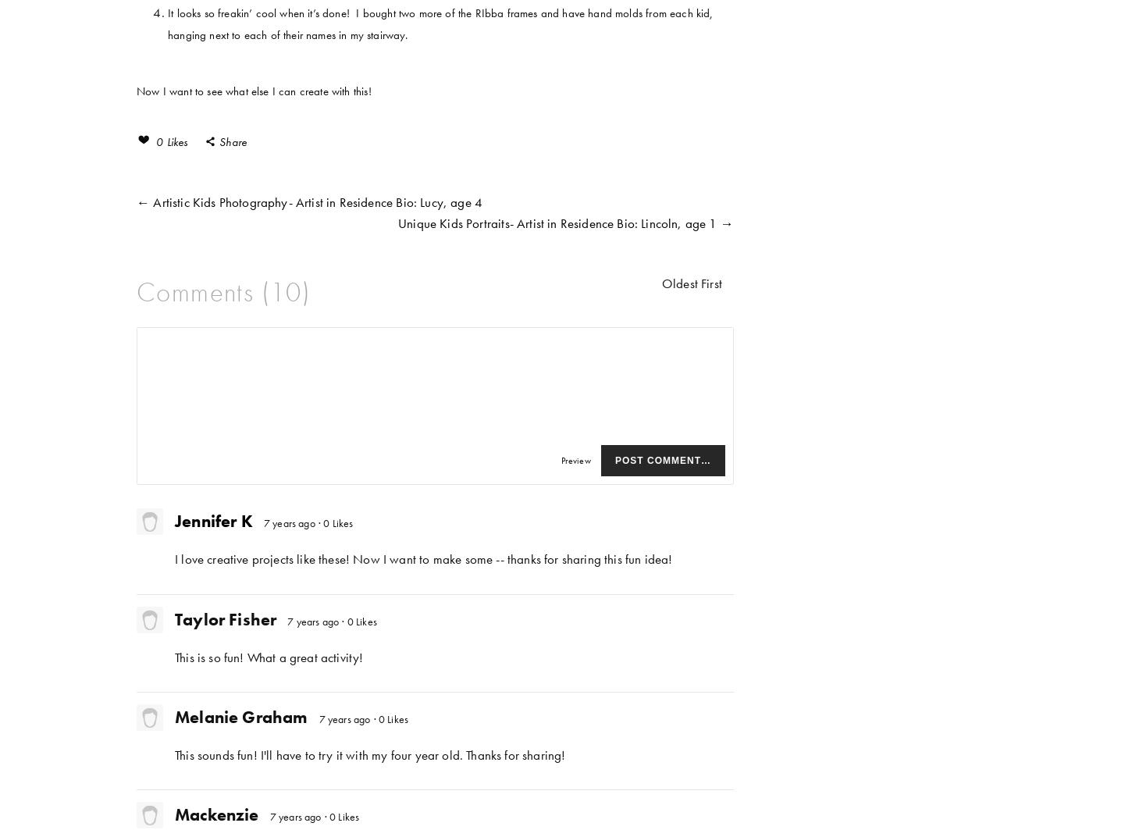 The height and width of the screenshot is (830, 1132). What do you see at coordinates (662, 459) in the screenshot?
I see `'Post Comment…'` at bounding box center [662, 459].